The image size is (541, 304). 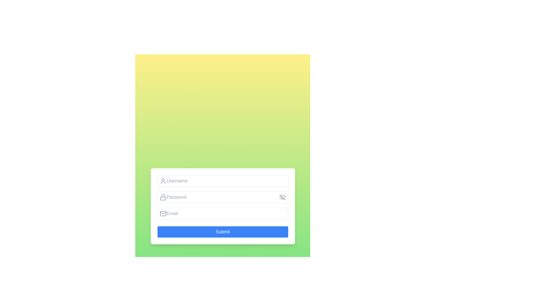 I want to click on the decorative envelope icon that indicates the adjacent input field for email, so click(x=163, y=213).